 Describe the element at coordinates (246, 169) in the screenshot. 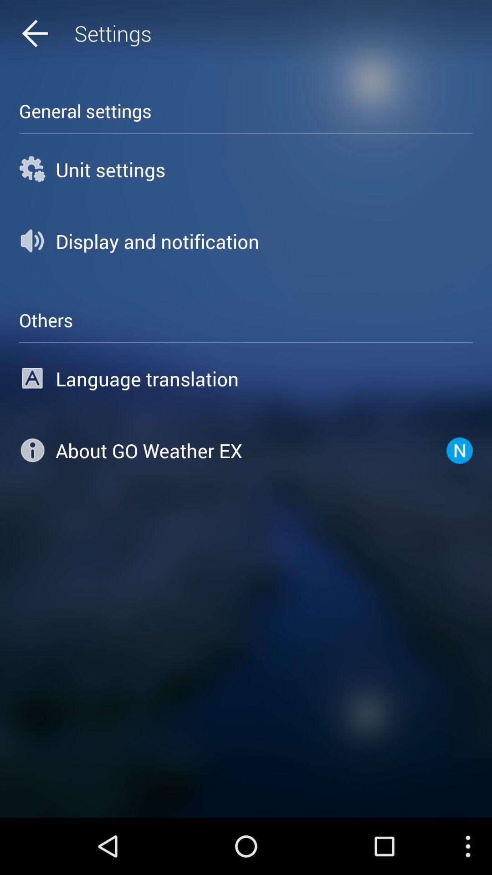

I see `item above display and notification` at that location.